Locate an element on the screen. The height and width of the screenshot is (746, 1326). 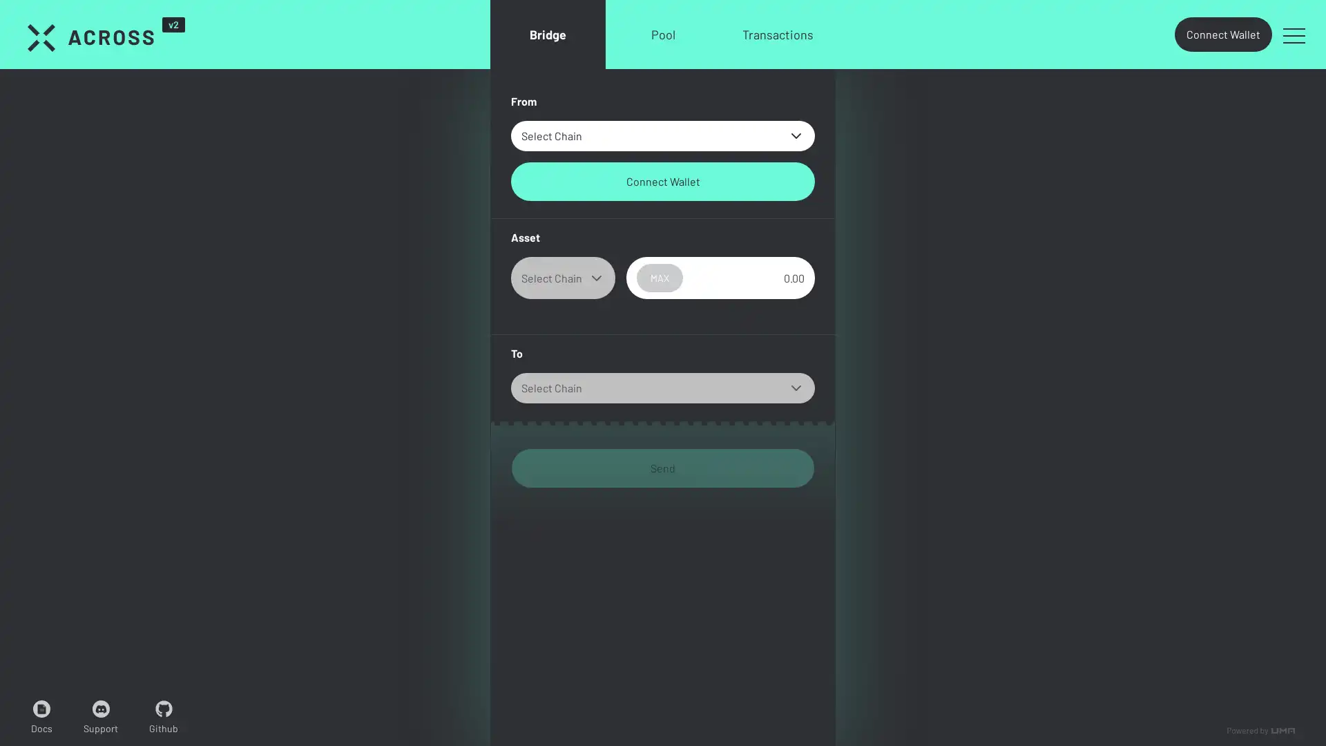
Connect Wallet is located at coordinates (663, 180).